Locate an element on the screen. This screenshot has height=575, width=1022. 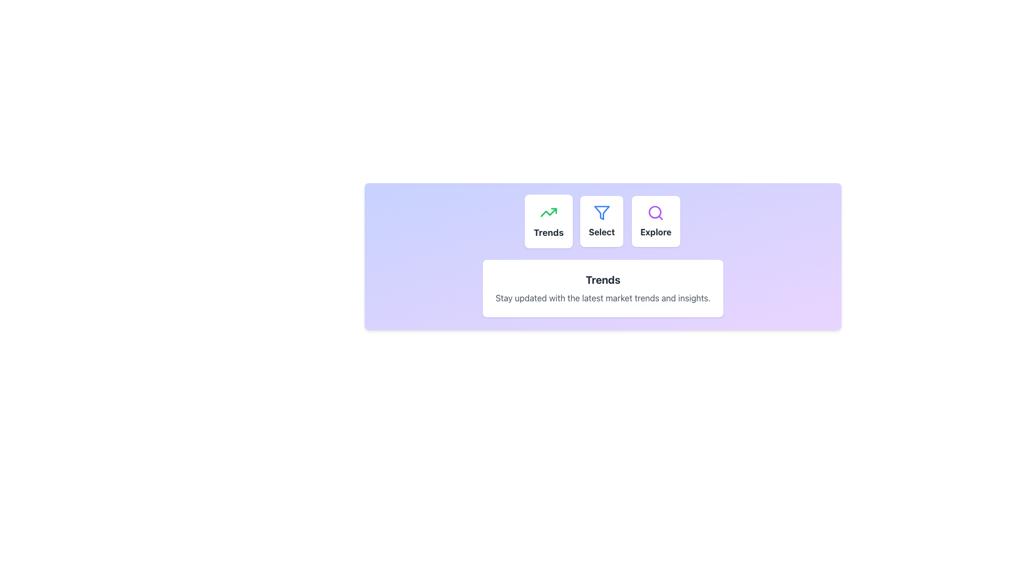
the circular graphic element located in the center of the magnifying glass icon, which is the third icon from the left in the row labeled 'Trends', 'Select', and 'Explore' is located at coordinates (654, 212).